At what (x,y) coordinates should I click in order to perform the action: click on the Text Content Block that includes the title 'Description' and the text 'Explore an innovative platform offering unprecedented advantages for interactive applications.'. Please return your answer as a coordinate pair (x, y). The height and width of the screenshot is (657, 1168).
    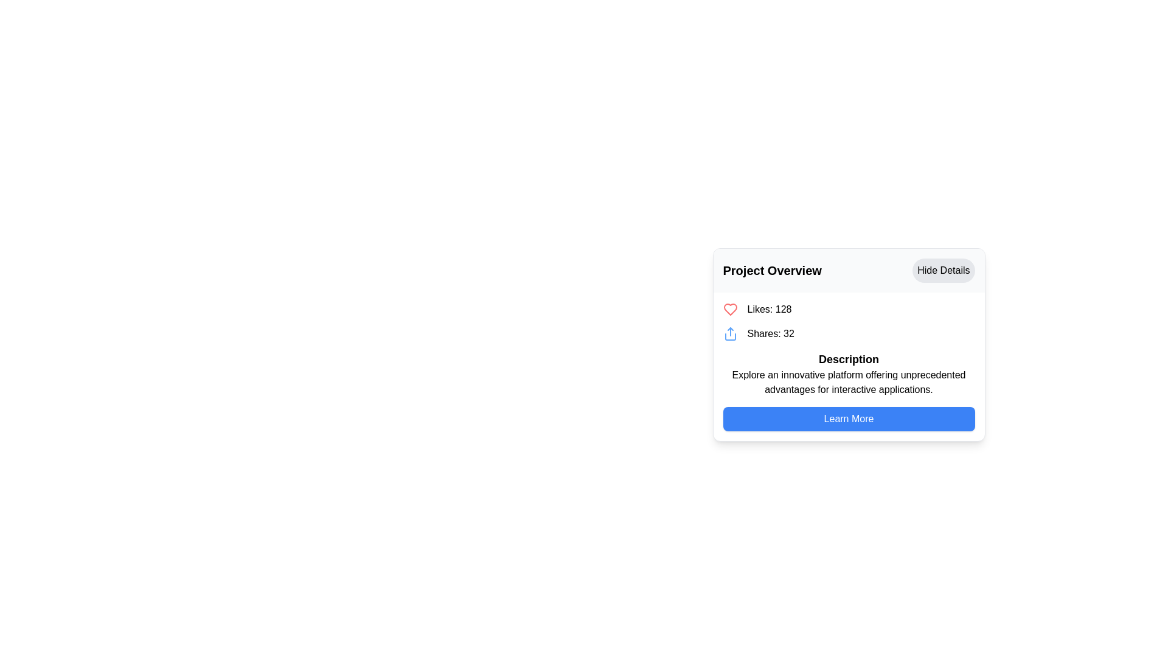
    Looking at the image, I should click on (848, 373).